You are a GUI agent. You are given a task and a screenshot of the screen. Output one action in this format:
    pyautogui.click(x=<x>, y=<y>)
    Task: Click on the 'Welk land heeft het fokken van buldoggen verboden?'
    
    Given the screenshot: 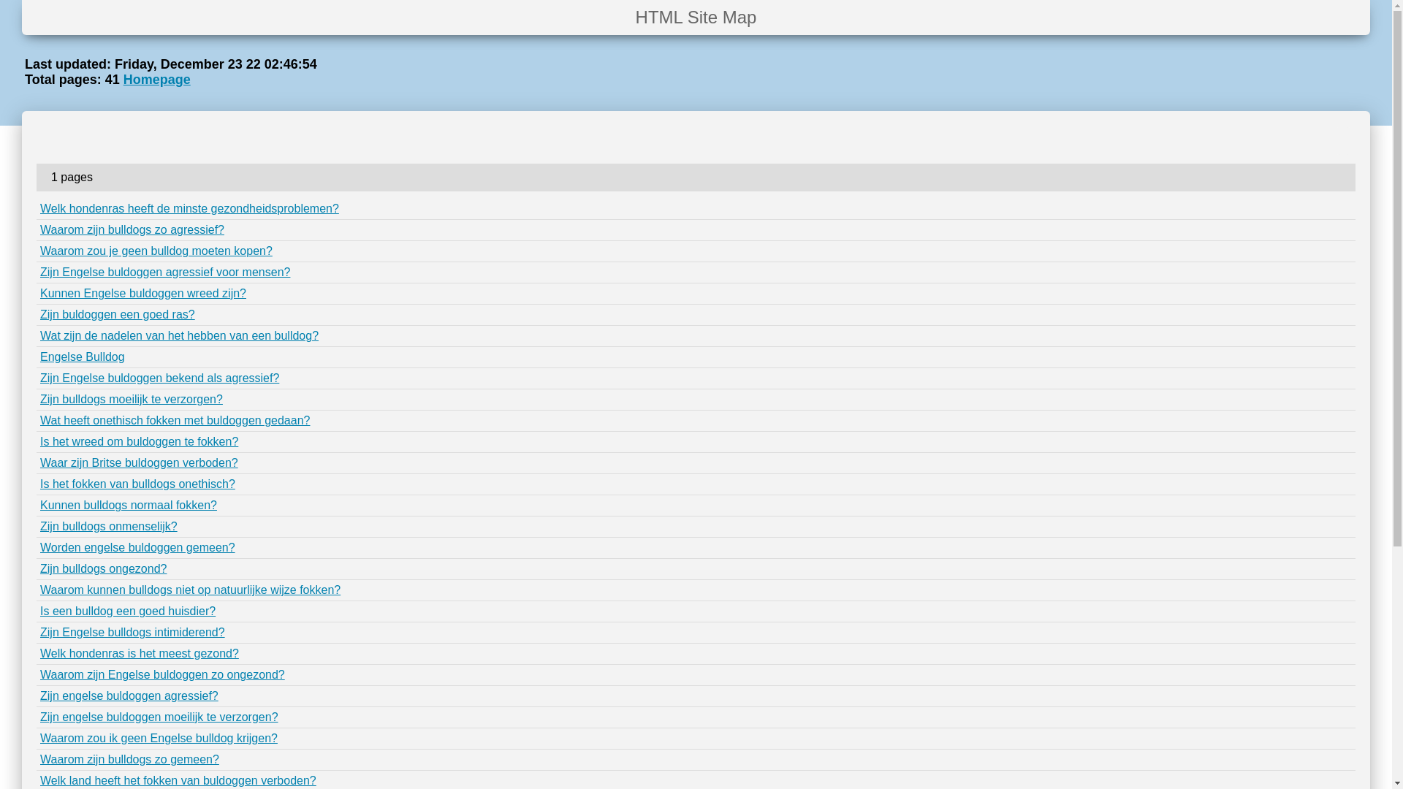 What is the action you would take?
    pyautogui.click(x=178, y=780)
    